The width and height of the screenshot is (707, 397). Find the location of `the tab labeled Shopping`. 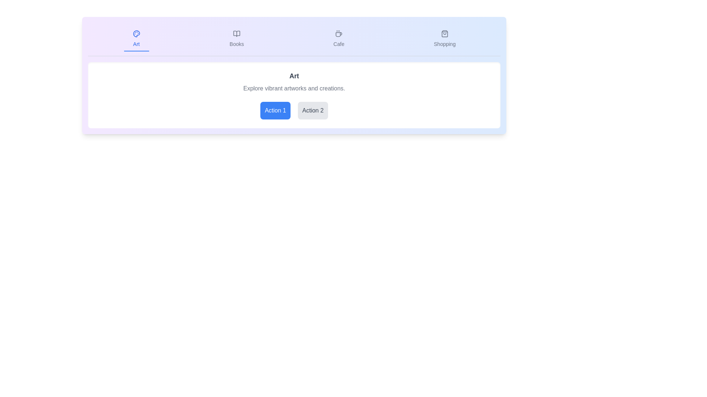

the tab labeled Shopping is located at coordinates (444, 39).